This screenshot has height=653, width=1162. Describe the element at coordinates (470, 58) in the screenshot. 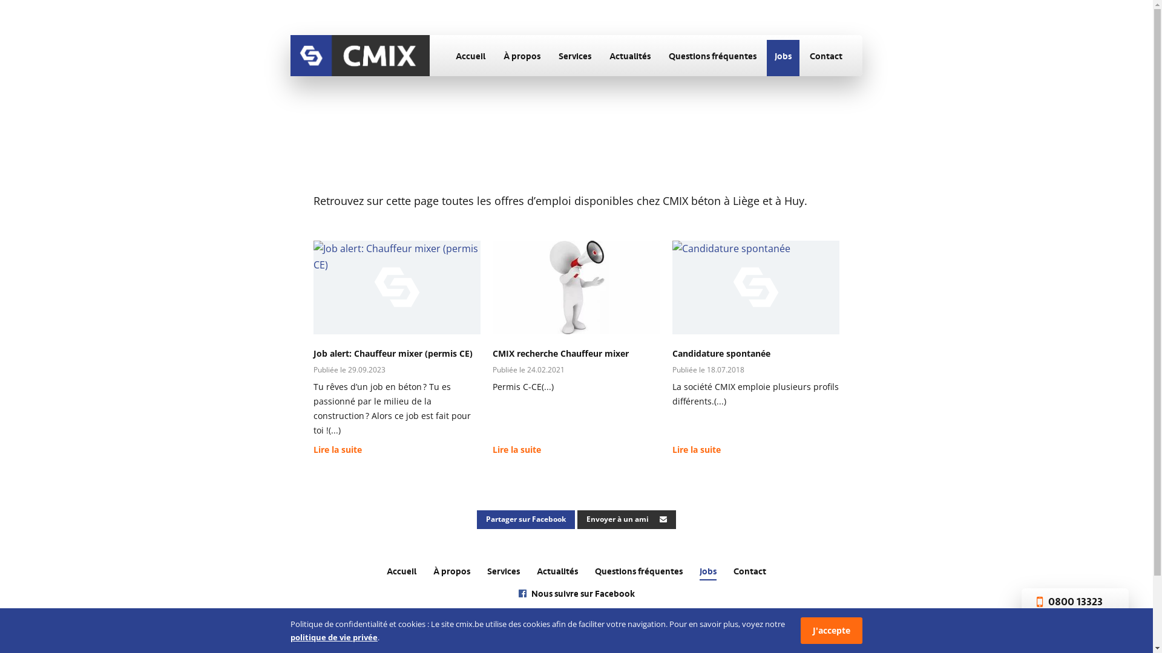

I see `'Accueil'` at that location.